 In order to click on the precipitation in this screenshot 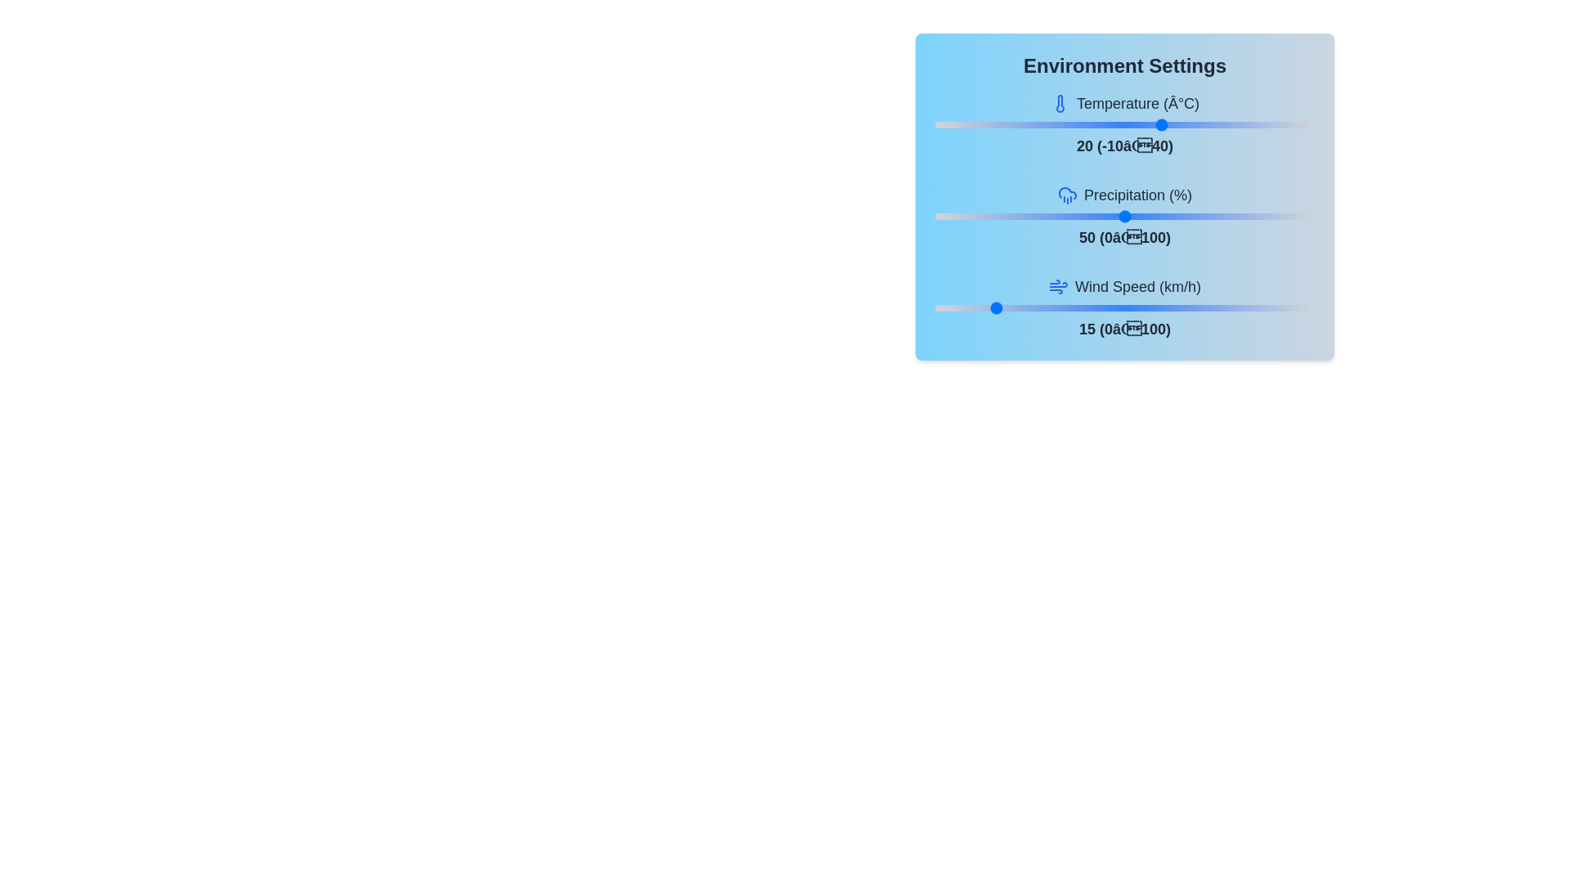, I will do `click(1169, 216)`.